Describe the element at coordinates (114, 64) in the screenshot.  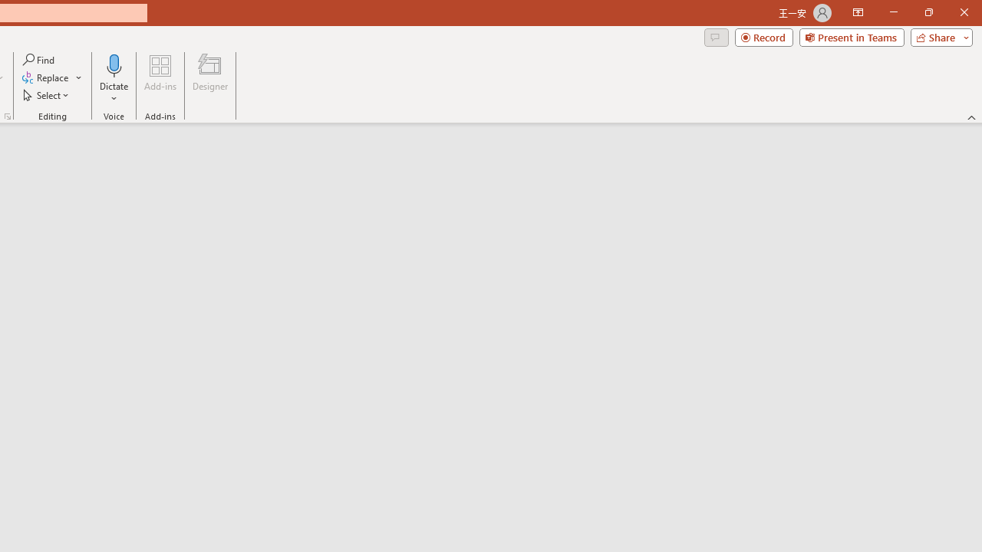
I see `'Dictate'` at that location.